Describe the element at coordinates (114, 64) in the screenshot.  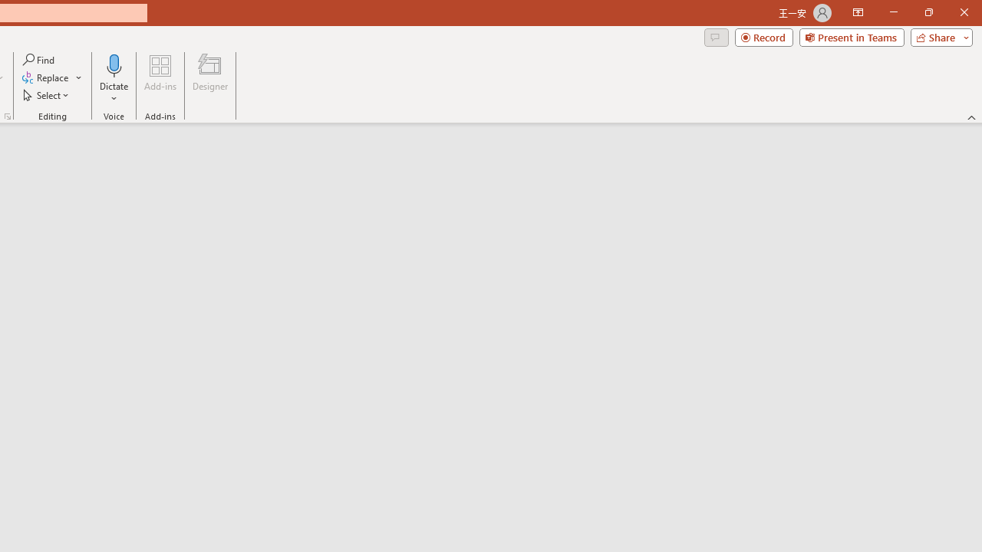
I see `'Dictate'` at that location.